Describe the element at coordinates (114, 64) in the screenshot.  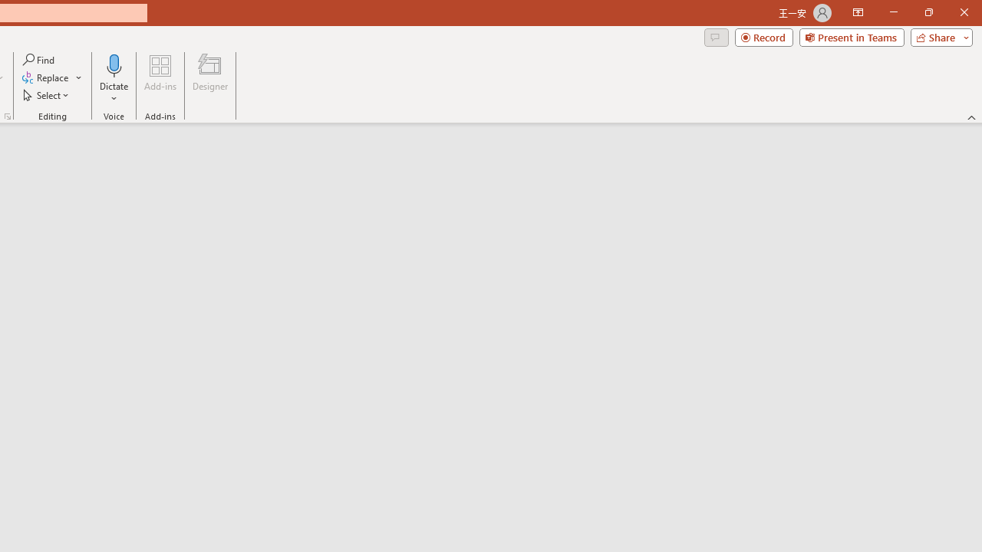
I see `'Dictate'` at that location.